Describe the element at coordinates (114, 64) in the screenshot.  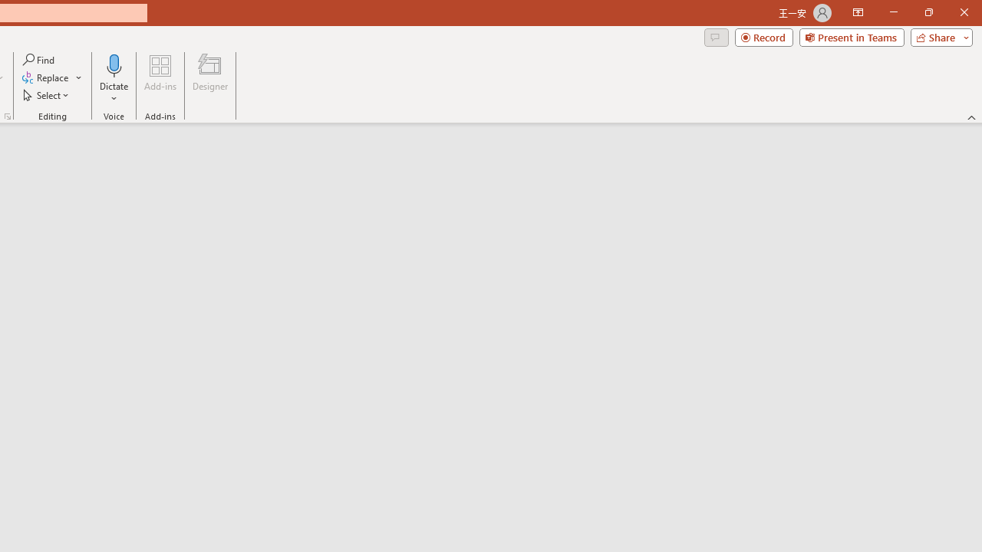
I see `'Dictate'` at that location.